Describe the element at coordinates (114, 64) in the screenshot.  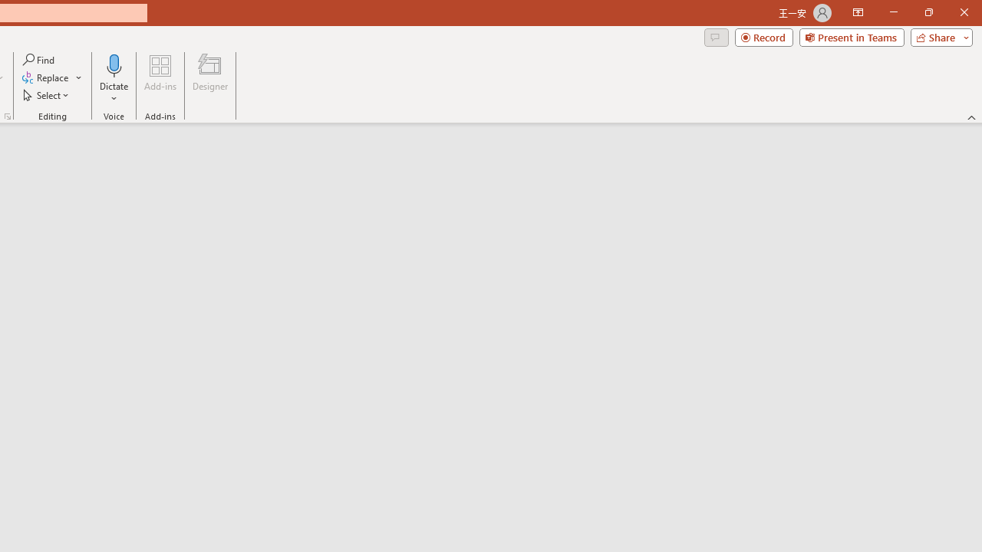
I see `'Dictate'` at that location.